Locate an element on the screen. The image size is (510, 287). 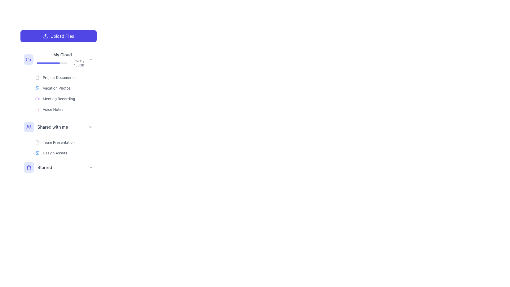
the file type icon located in the left sidebar under the 'My Cloud' section, which is the first icon in the list of items under 'My Cloud' and is positioned to the immediate left of 'Project Documents' is located at coordinates (37, 78).